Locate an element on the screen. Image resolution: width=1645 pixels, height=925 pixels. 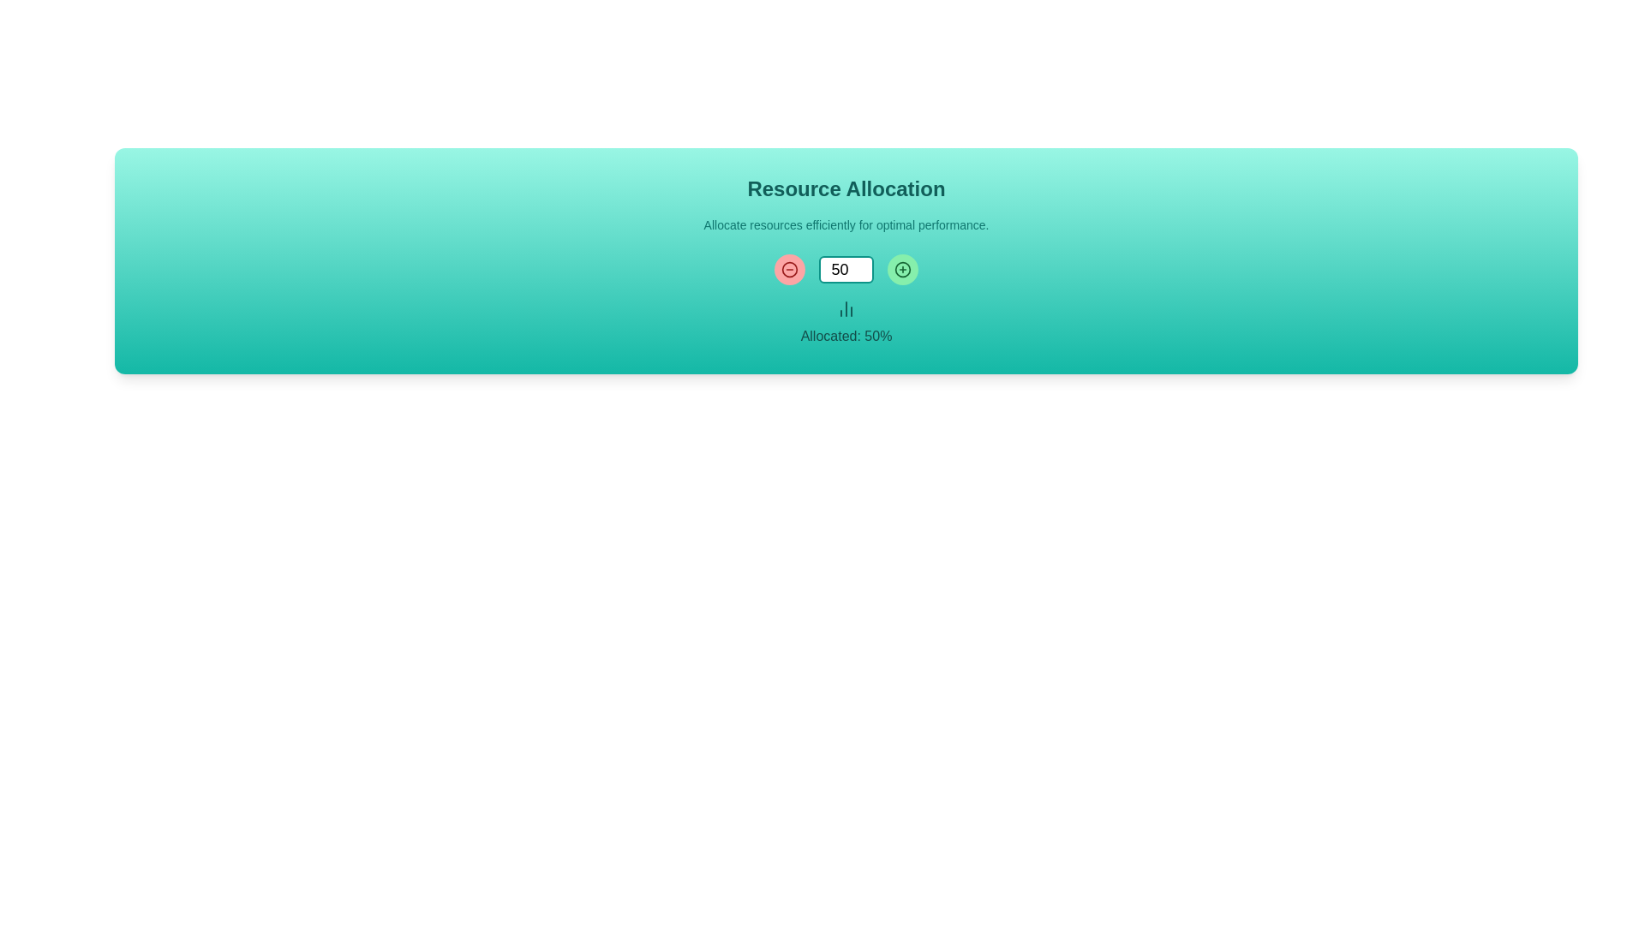
the rightmost button under 'Resource Allocation' to increment the numerical value in the adjacent input box is located at coordinates (902, 270).